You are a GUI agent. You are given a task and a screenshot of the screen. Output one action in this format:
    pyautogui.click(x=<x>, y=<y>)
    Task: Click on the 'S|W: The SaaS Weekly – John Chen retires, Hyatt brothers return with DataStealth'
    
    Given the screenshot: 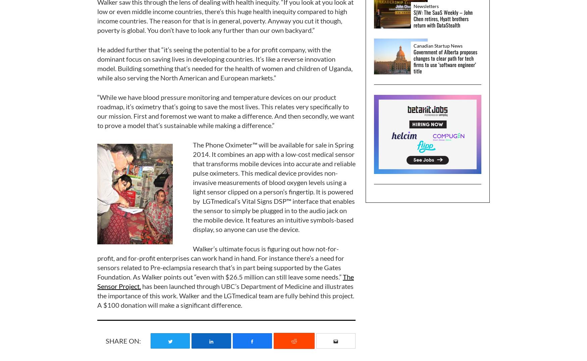 What is the action you would take?
    pyautogui.click(x=443, y=18)
    